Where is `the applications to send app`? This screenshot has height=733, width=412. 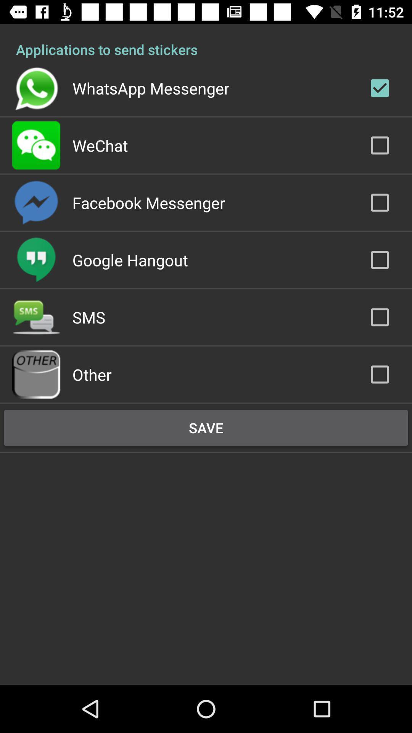 the applications to send app is located at coordinates (206, 41).